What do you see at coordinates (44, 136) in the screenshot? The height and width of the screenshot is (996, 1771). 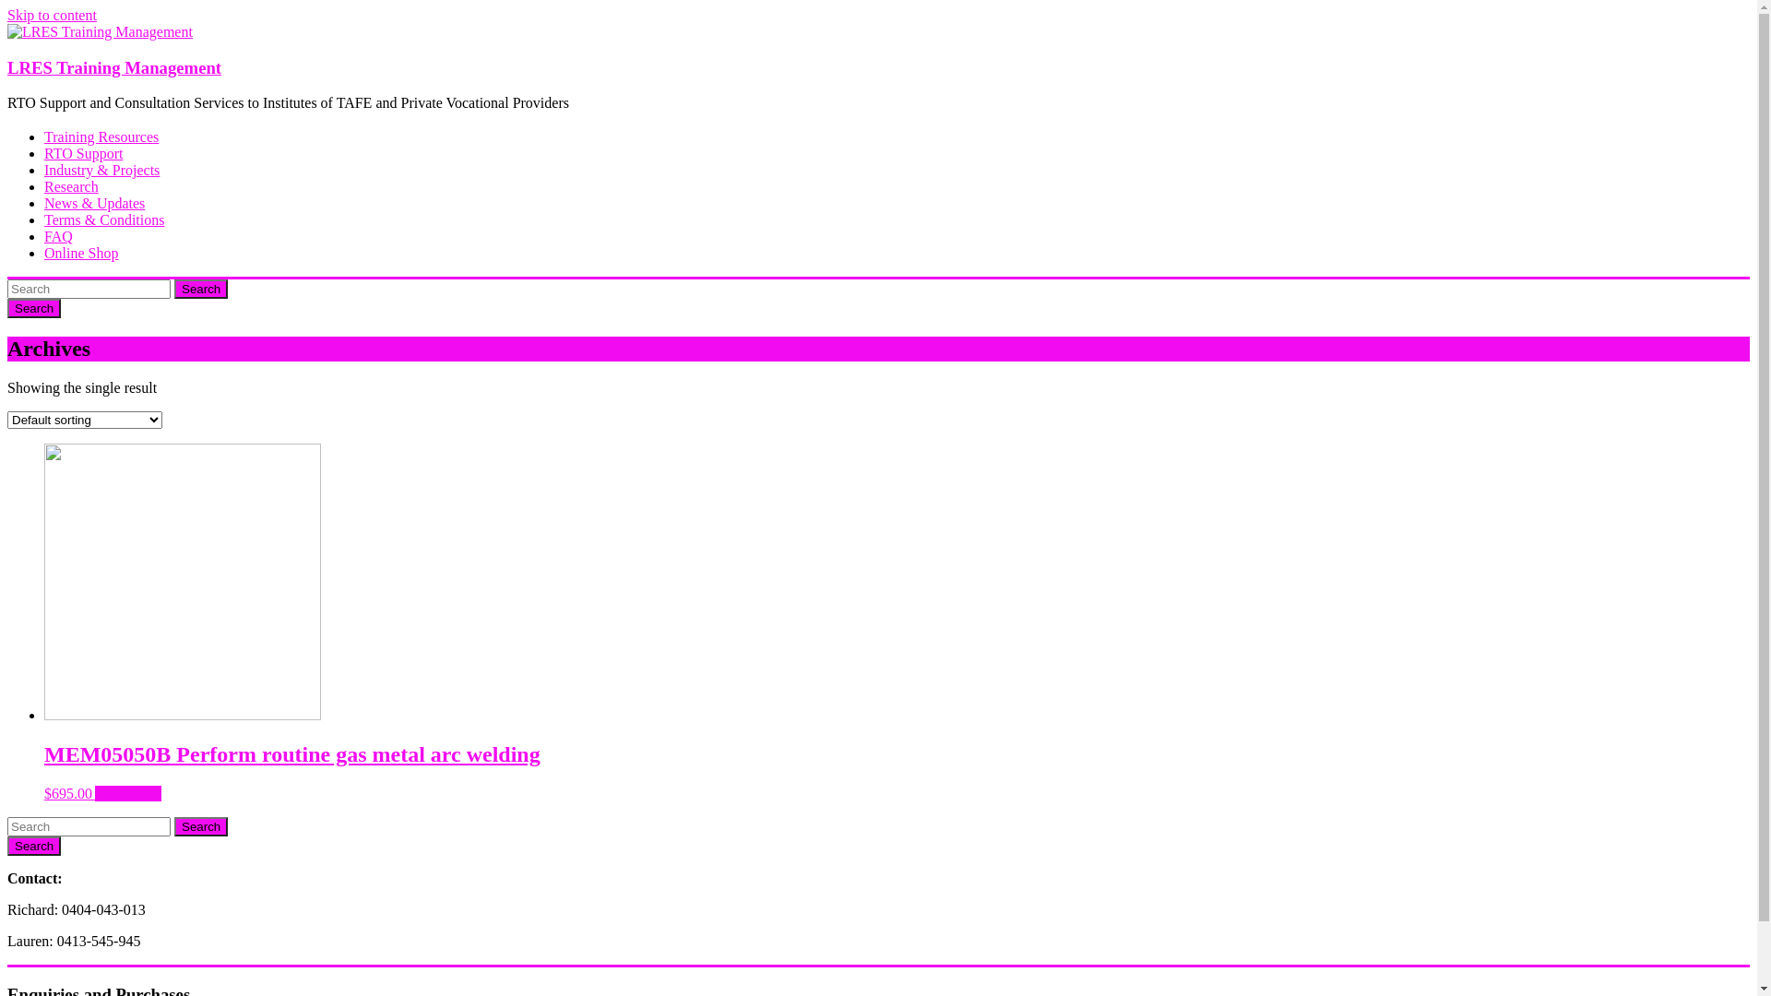 I see `'Training Resources'` at bounding box center [44, 136].